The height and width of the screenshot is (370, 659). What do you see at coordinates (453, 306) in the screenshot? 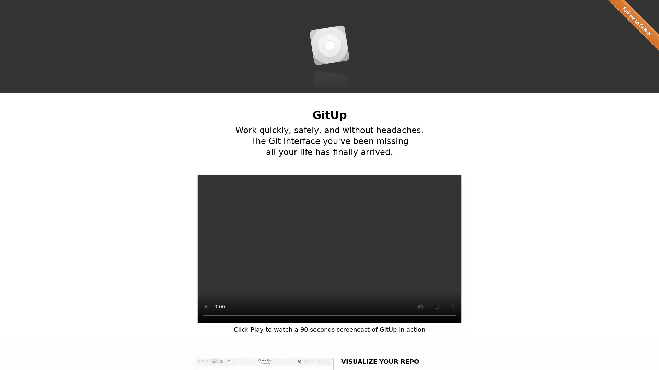
I see `show more media controls` at bounding box center [453, 306].